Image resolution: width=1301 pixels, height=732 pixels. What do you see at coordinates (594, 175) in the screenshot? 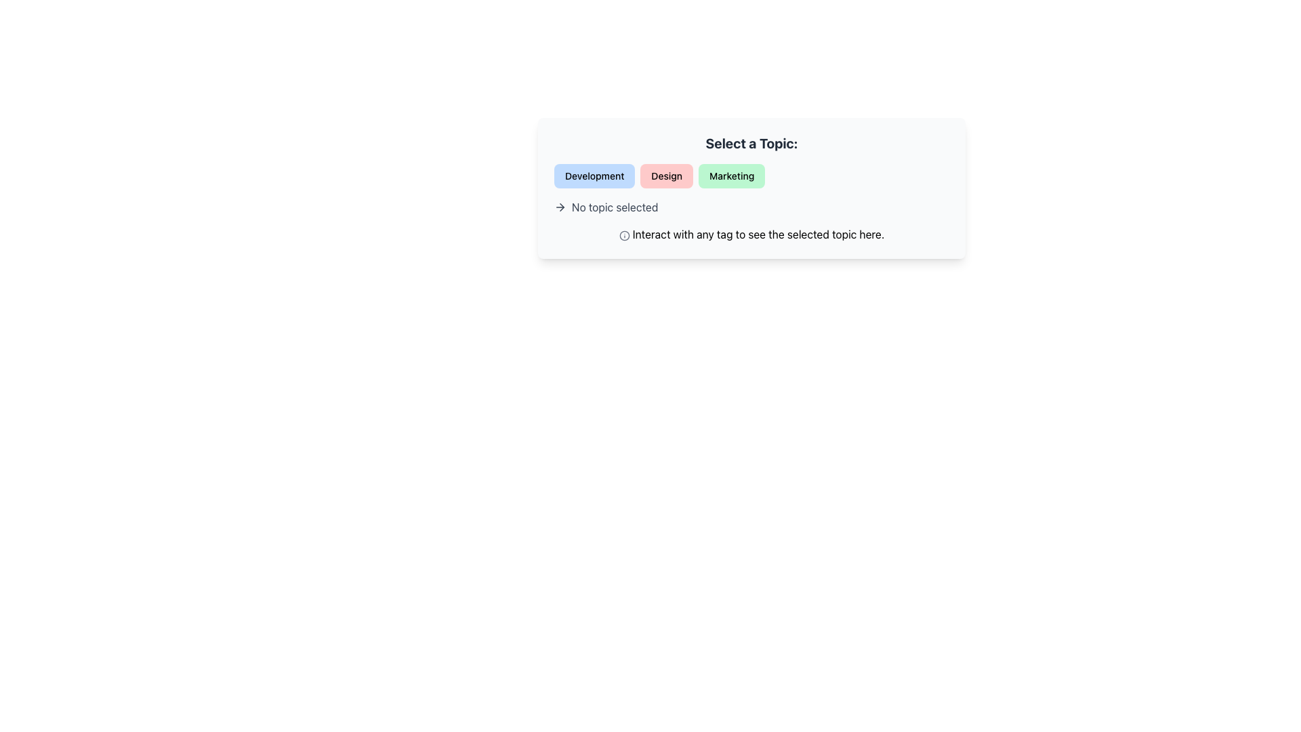
I see `the 'Development' button, which is the first button in a group of three horizontally aligned buttons` at bounding box center [594, 175].